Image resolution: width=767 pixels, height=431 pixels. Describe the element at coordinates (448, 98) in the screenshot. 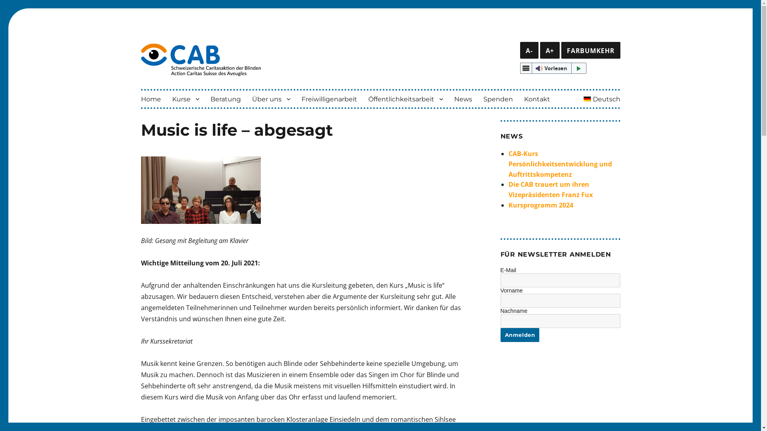

I see `'News'` at that location.